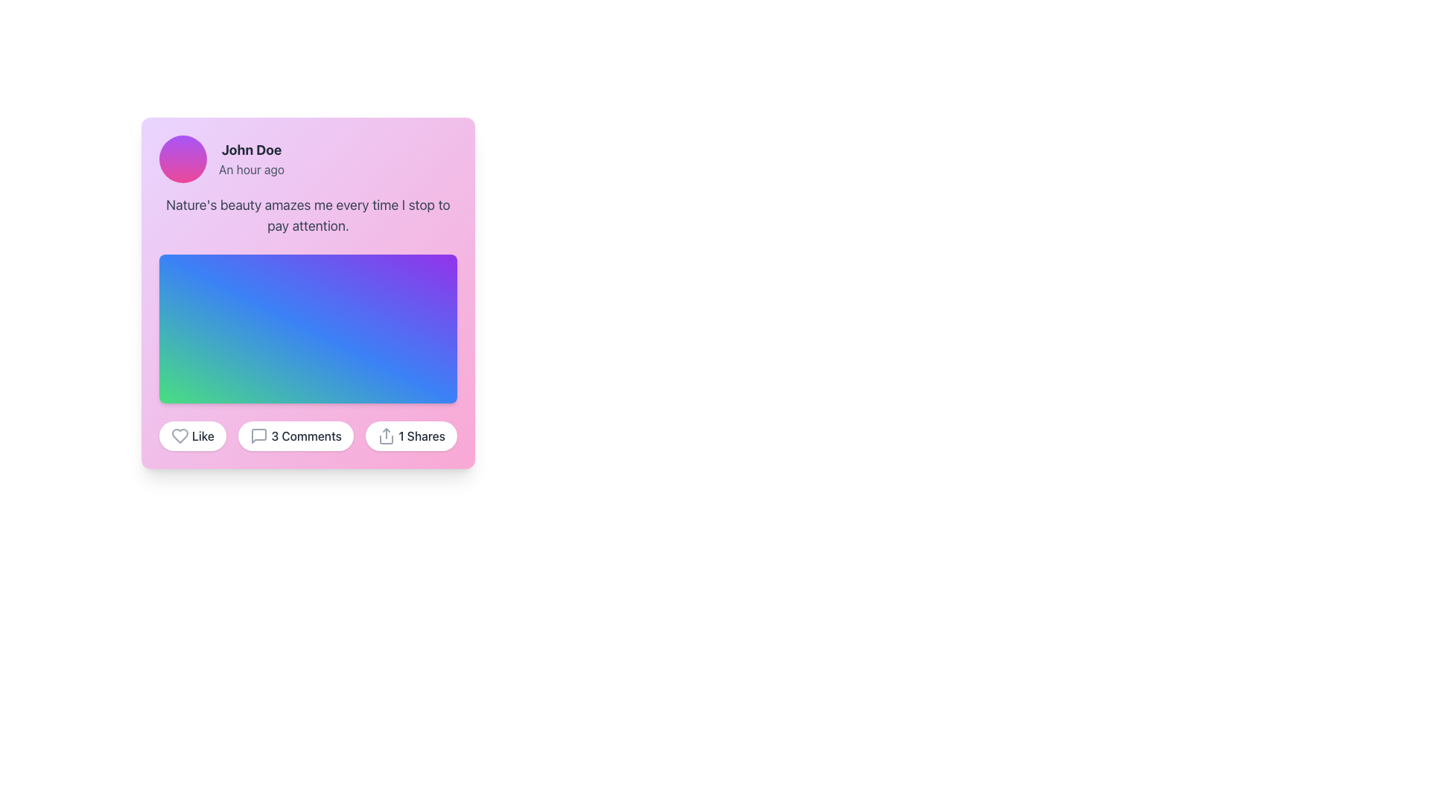 The width and height of the screenshot is (1430, 804). I want to click on the 'like' button located at the bottom left of the card, so click(192, 435).